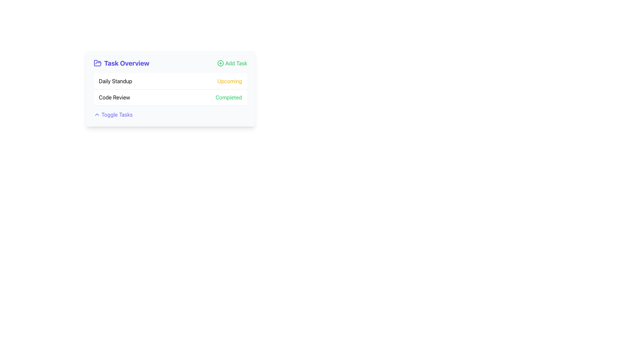 This screenshot has height=358, width=636. Describe the element at coordinates (121, 63) in the screenshot. I see `the header text element with an icon located at the top-left corner of the card, which is adjacent to a green-colored 'Add Task' button` at that location.